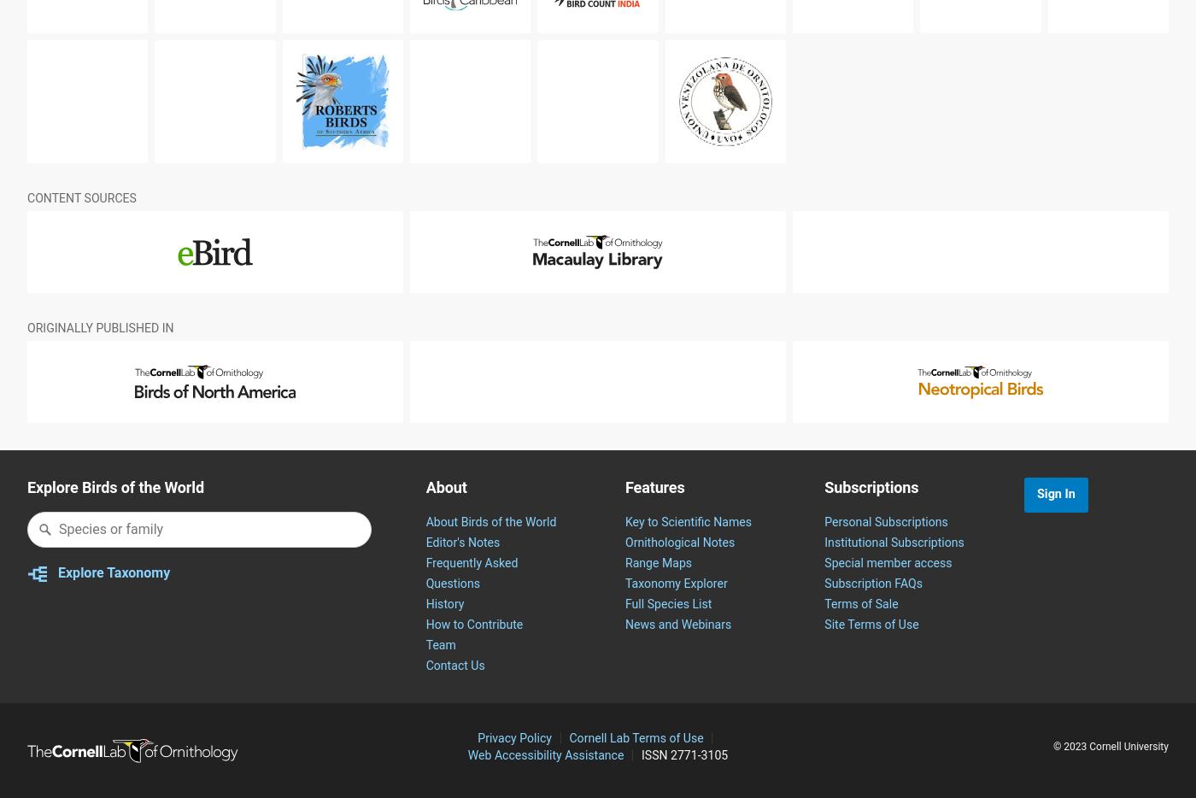 Image resolution: width=1196 pixels, height=798 pixels. What do you see at coordinates (444, 644) in the screenshot?
I see `'History'` at bounding box center [444, 644].